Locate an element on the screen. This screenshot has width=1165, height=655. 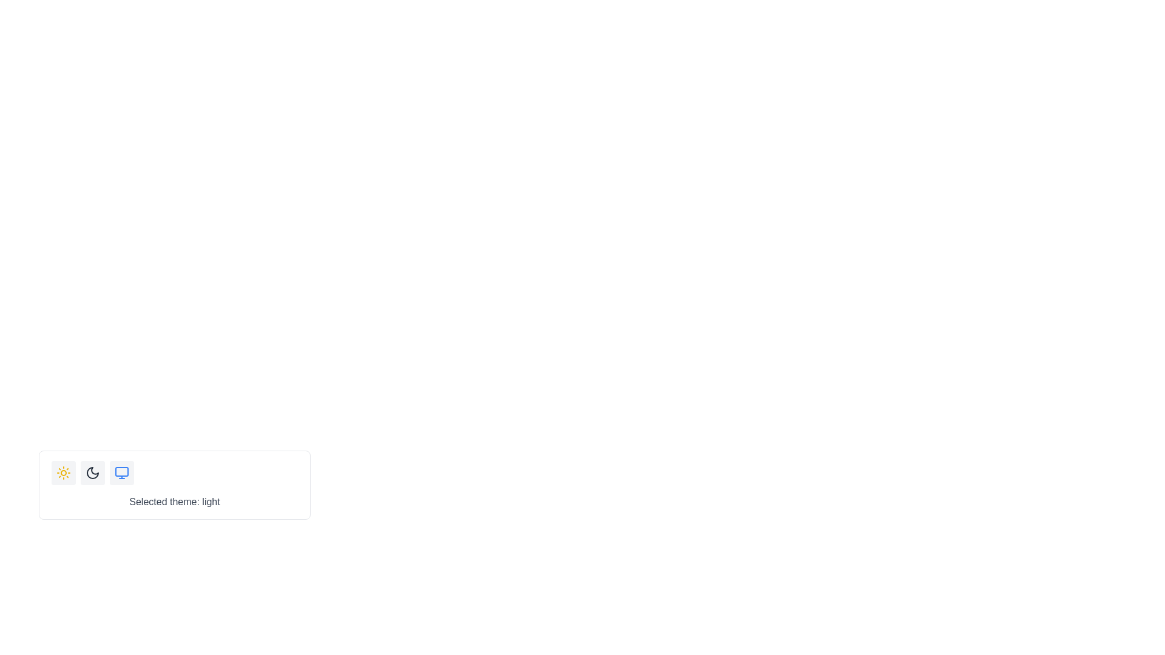
the monitor theme button, which is a rounded rectangle with a gray background and a blue monitor icon, positioned as the fourth button in the horizontal list of theme selector buttons is located at coordinates (122, 472).